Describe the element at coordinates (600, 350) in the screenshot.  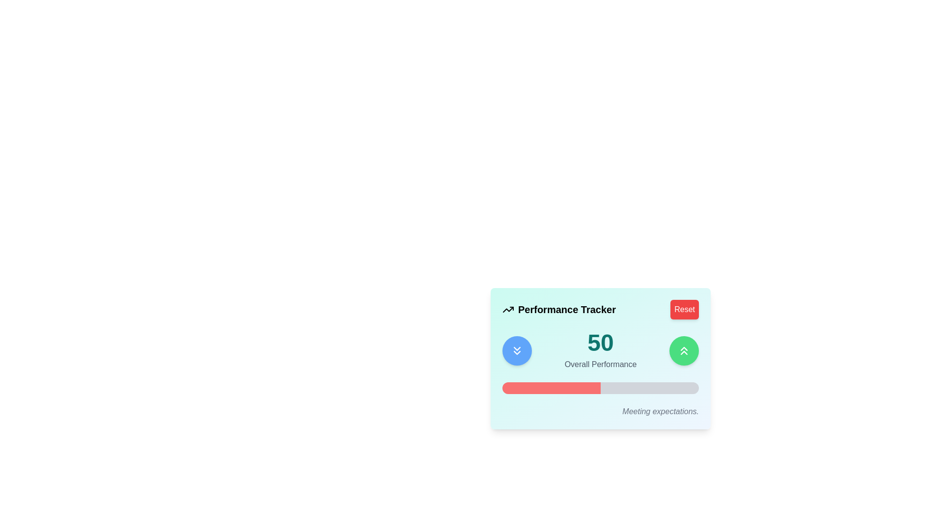
I see `the label displaying the bold number '50' in teal color and the smaller text label 'Overall Performance' in gray color, which is centrally aligned within a light teal card layout` at that location.